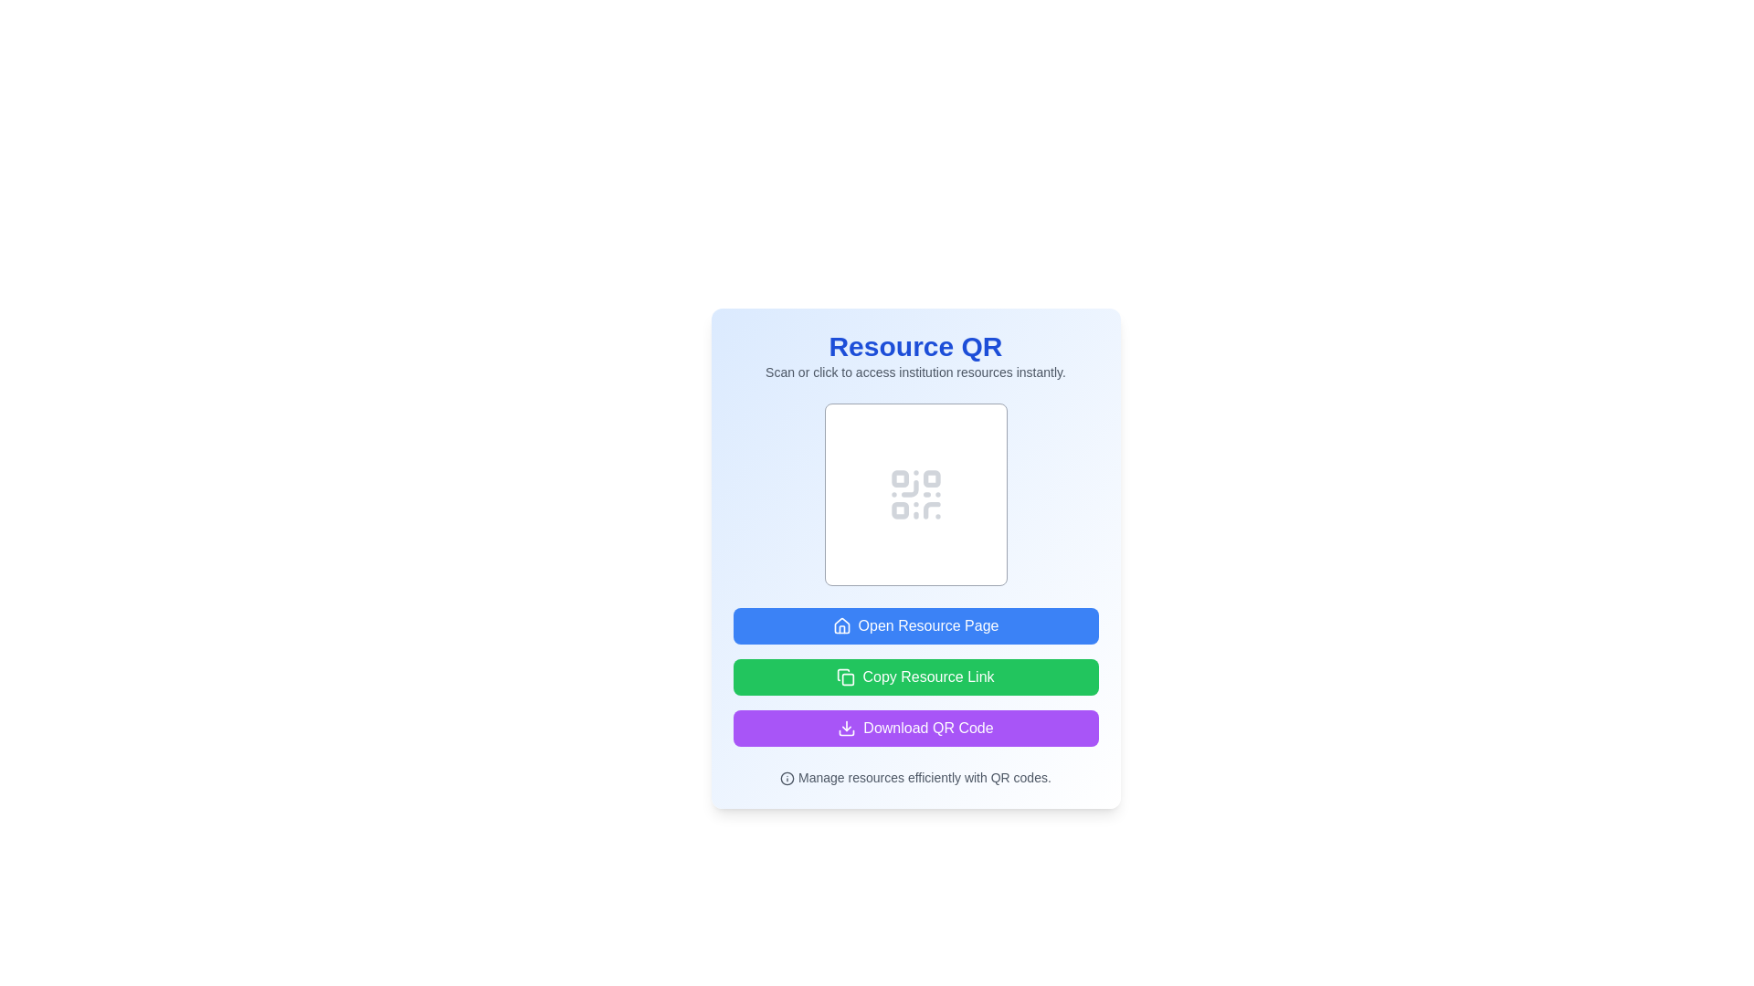 This screenshot has height=986, width=1754. I want to click on the downward arrow icon inside the purple 'Download QR Code' button located at the bottom section of the interface, so click(846, 728).